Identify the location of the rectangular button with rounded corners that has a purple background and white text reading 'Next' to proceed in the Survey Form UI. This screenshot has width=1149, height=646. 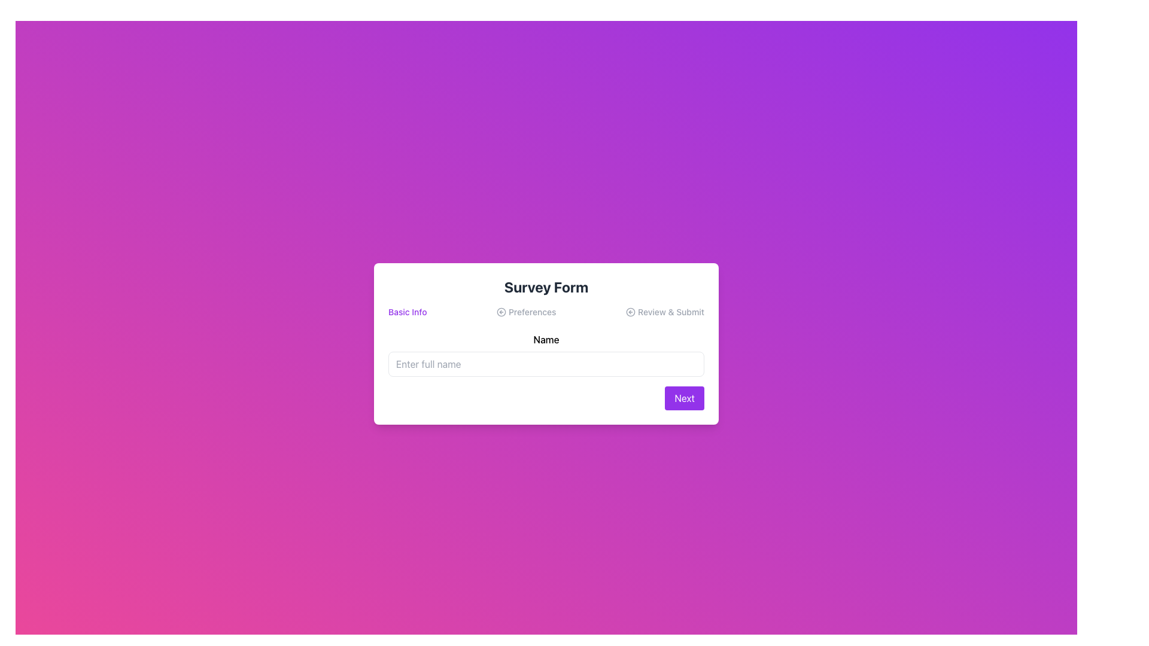
(685, 398).